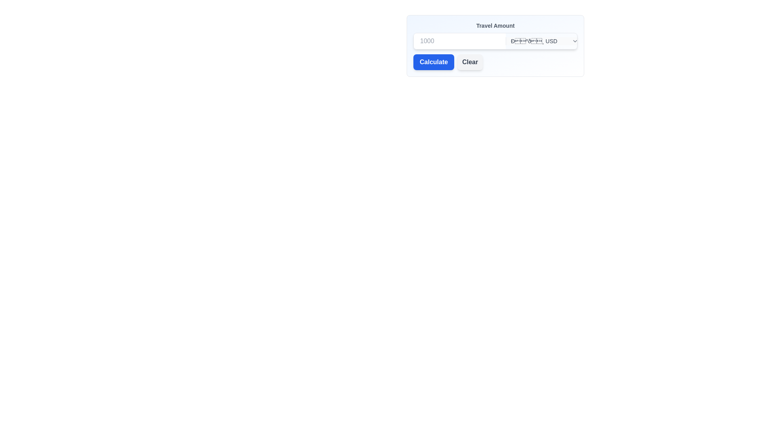 Image resolution: width=761 pixels, height=428 pixels. I want to click on the blue button labeled 'Calculate' to observe styling changes, so click(433, 62).